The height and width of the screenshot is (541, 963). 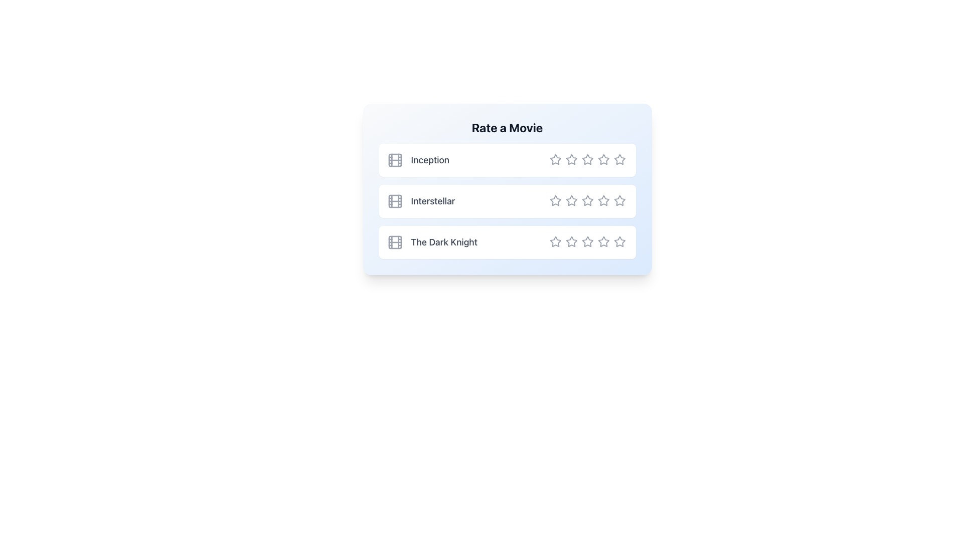 I want to click on the second star icon in the rating system for the movie 'Inception', so click(x=571, y=159).